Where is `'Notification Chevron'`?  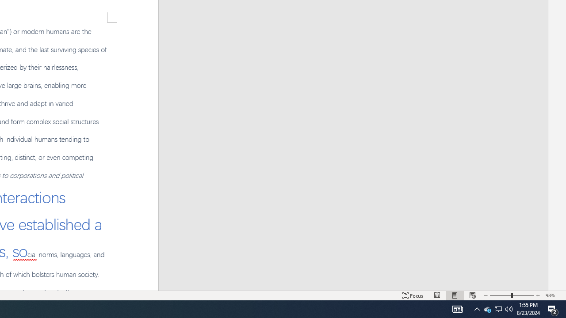
'Notification Chevron' is located at coordinates (477, 308).